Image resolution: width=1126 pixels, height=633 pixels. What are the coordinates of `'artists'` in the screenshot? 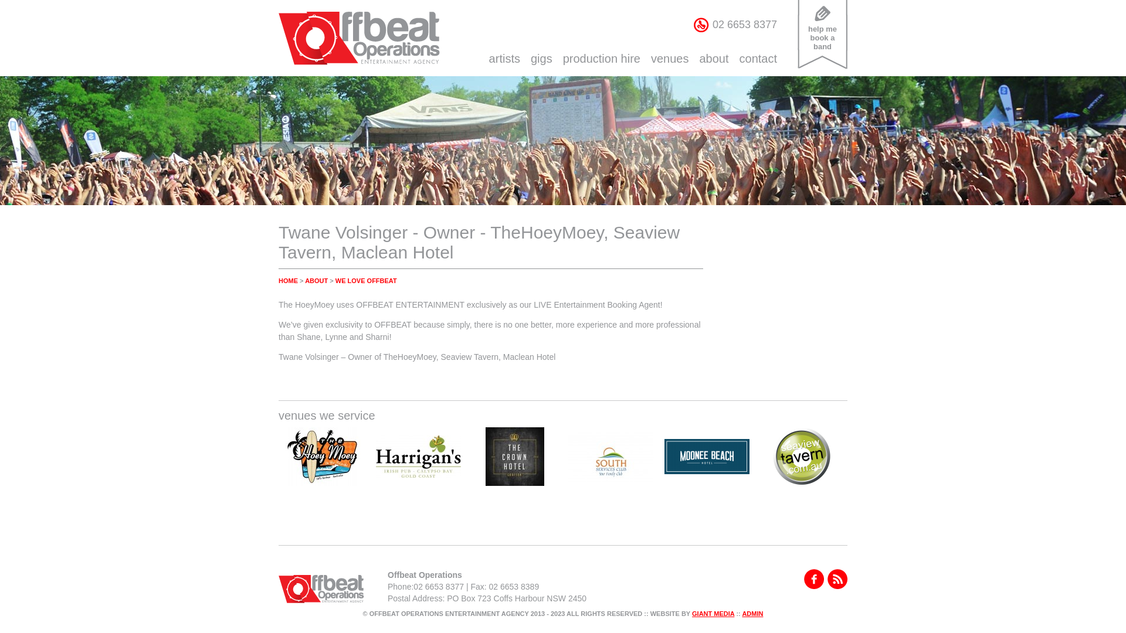 It's located at (504, 59).